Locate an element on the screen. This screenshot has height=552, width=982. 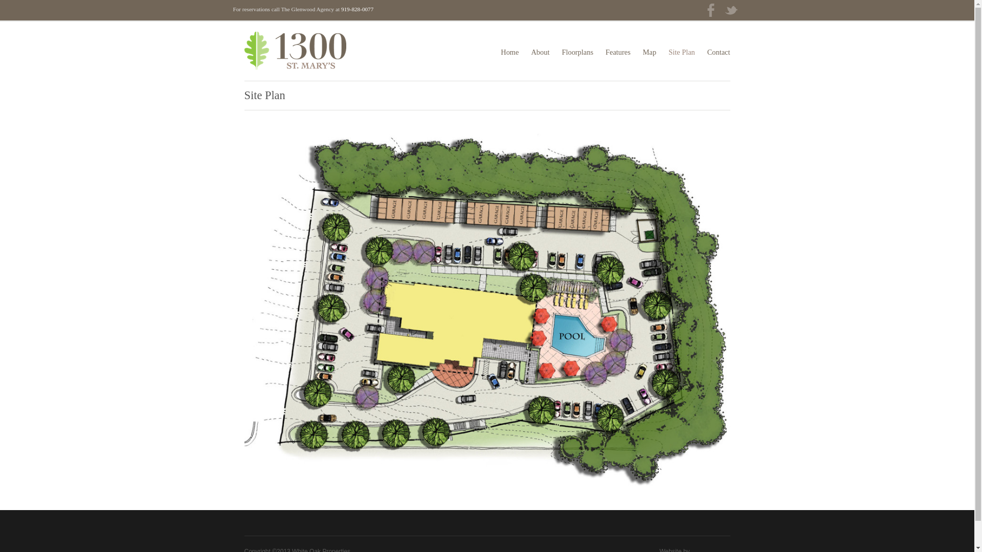
'About' is located at coordinates (540, 52).